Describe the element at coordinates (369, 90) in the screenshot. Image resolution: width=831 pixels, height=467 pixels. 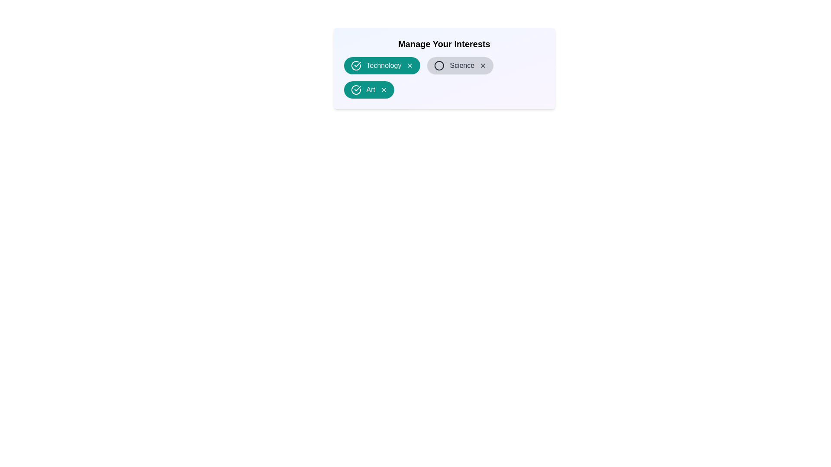
I see `the tag labeled Art to observe the hover scaling effect` at that location.